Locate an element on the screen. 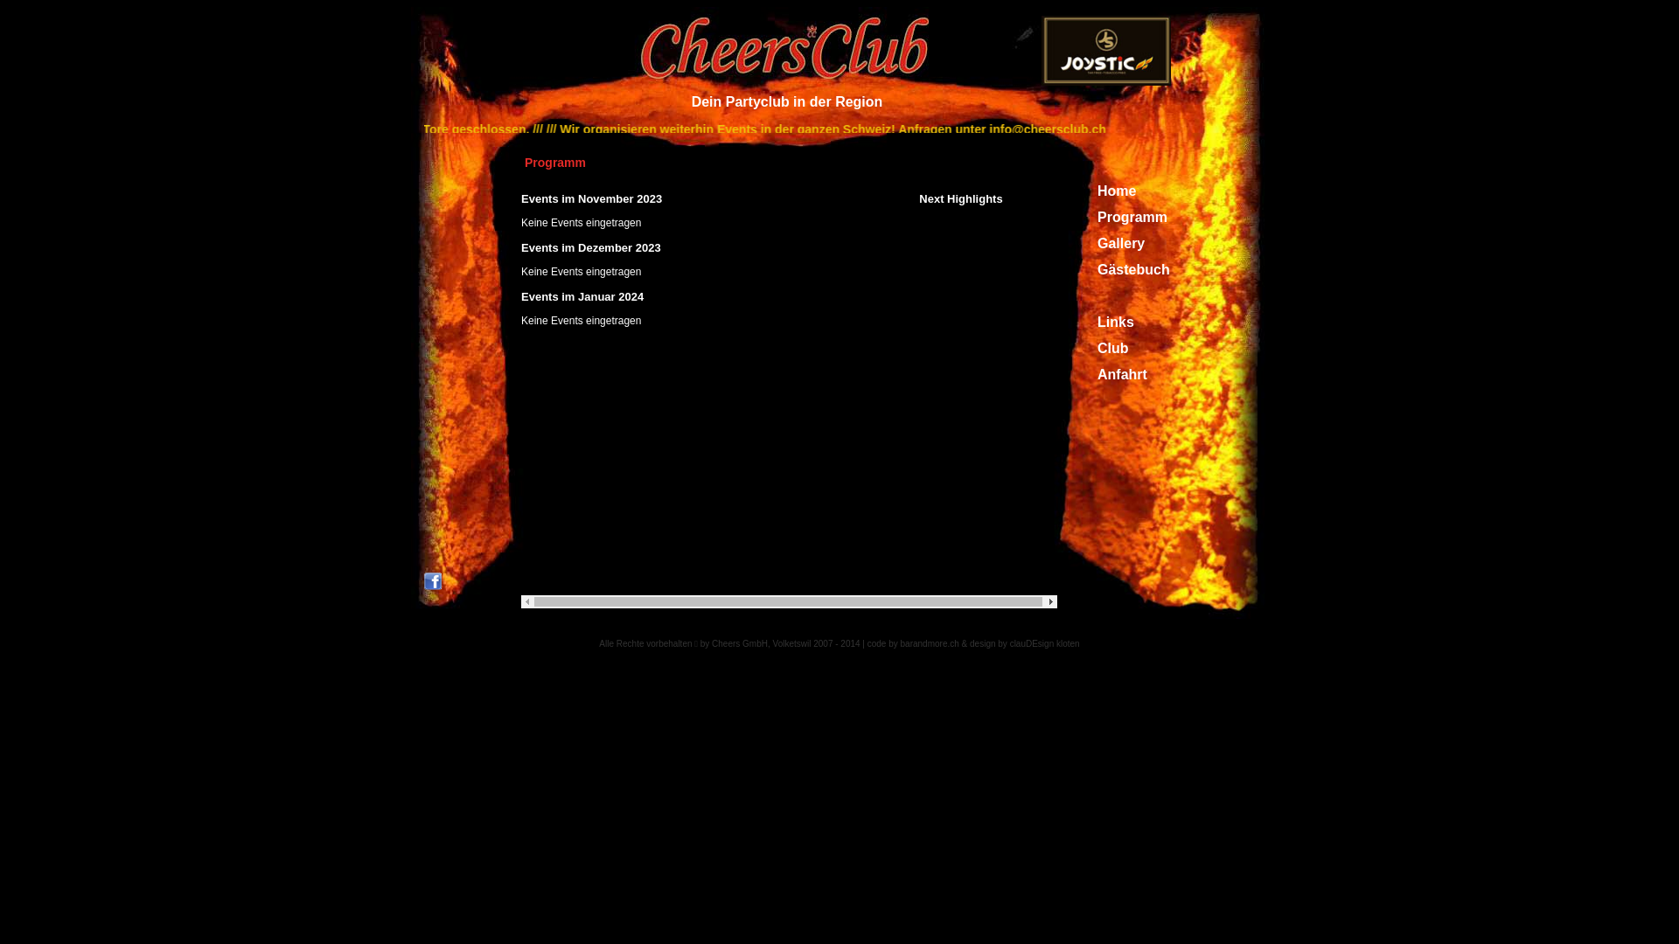  'barandmore.ch' is located at coordinates (929, 643).